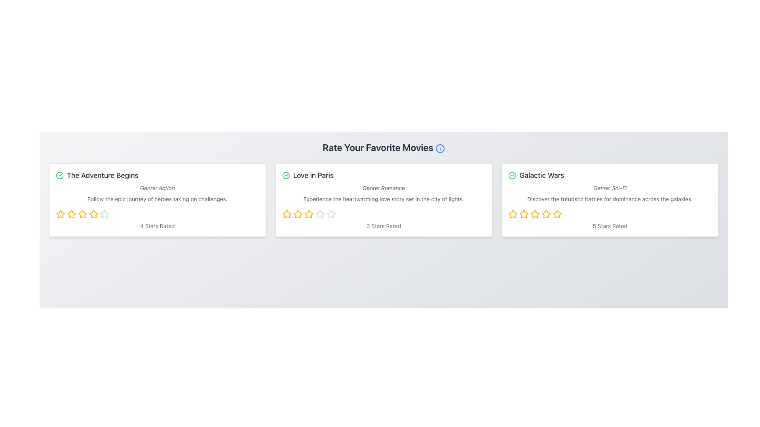 This screenshot has width=760, height=427. I want to click on the Information Card that provides an overview of a movie, positioned as the first card in a grid layout adjacent to the 'Love in Paris' card, so click(157, 199).